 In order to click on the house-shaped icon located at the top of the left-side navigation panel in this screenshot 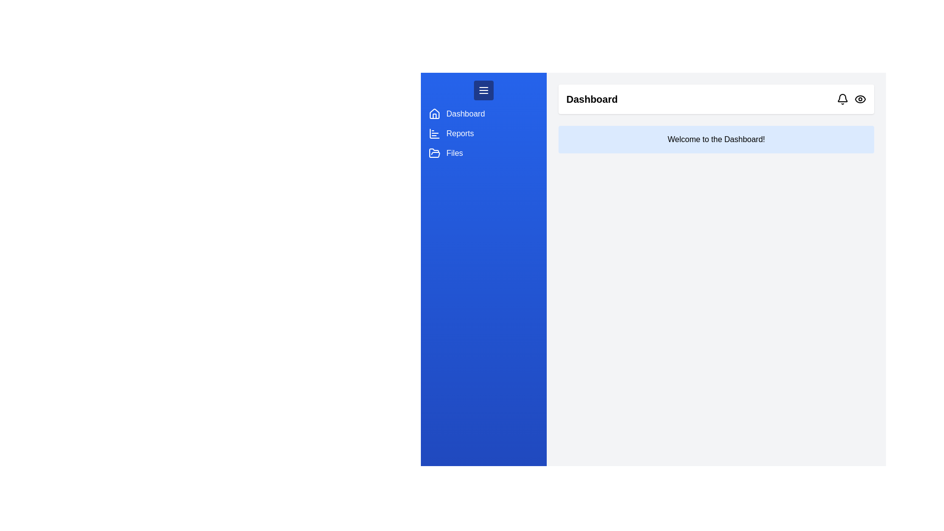, I will do `click(434, 113)`.